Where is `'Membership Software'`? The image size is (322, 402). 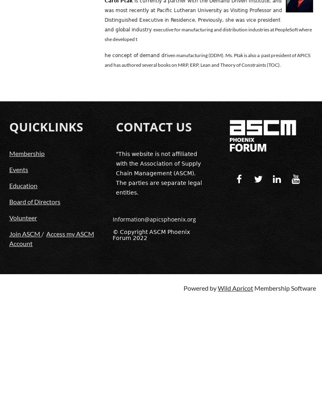 'Membership Software' is located at coordinates (284, 287).